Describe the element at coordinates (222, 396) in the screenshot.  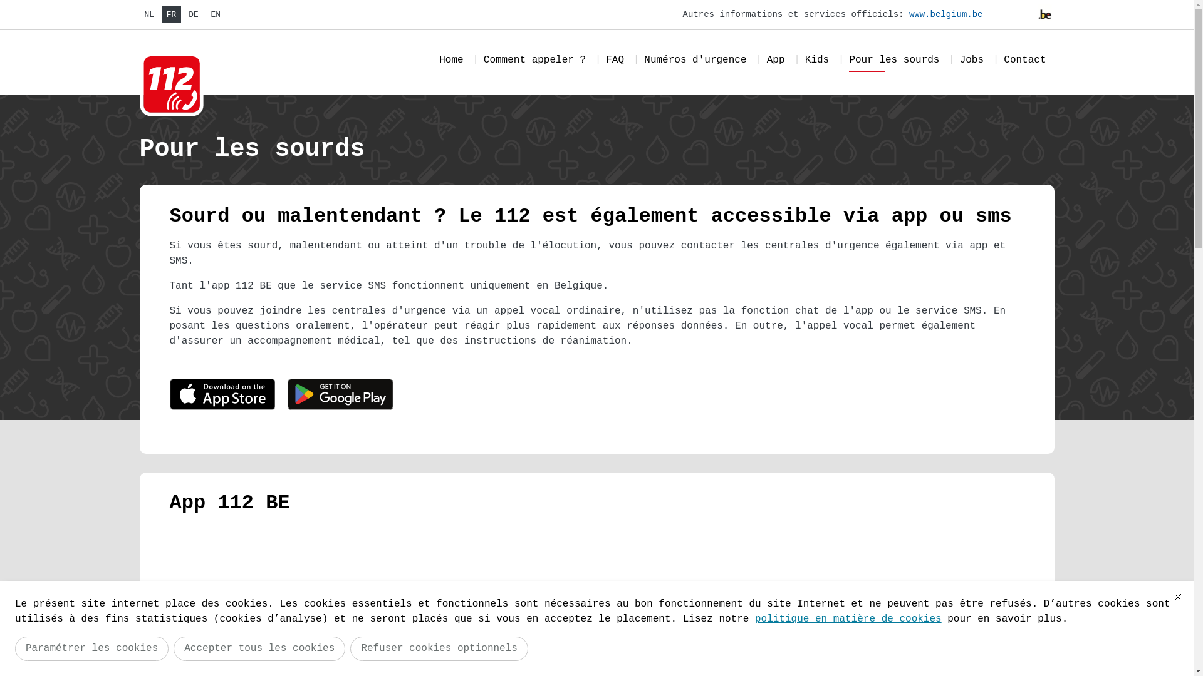
I see `'App Store'` at that location.